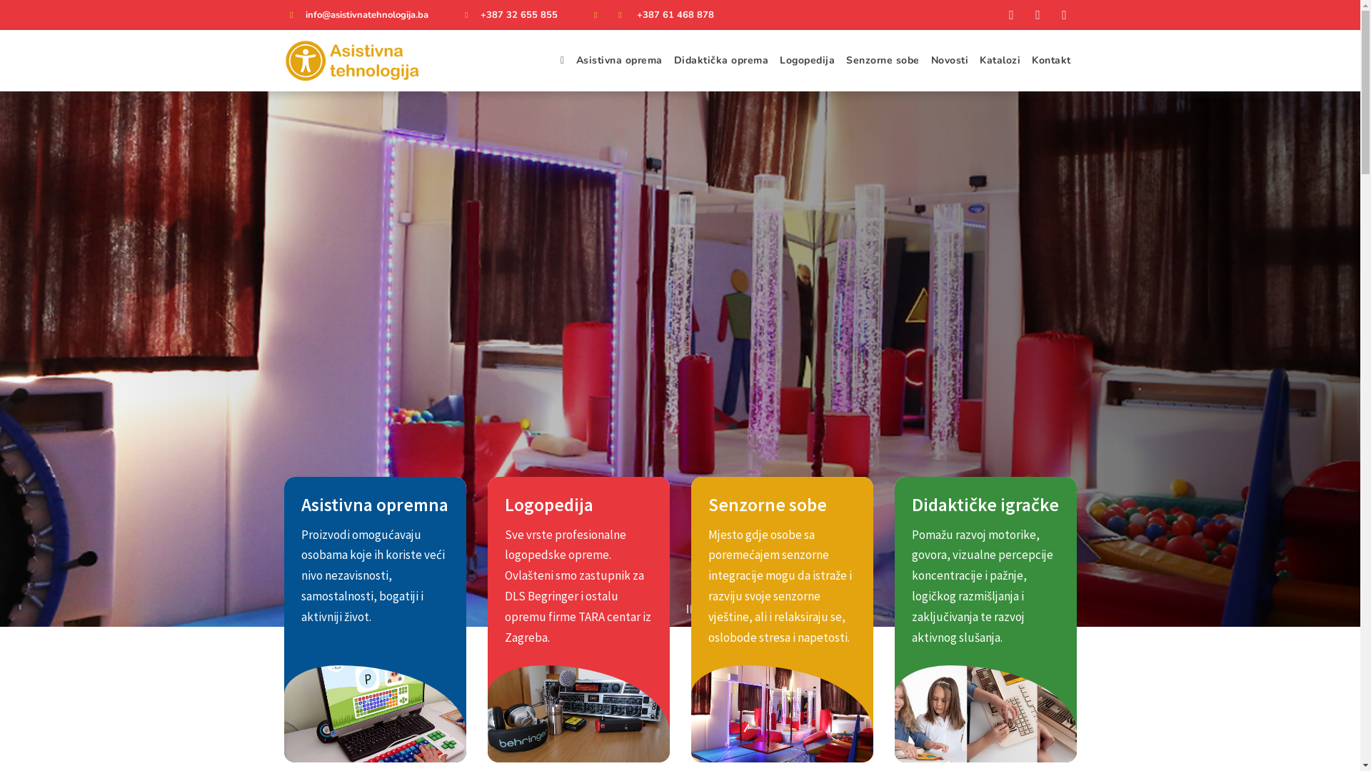  What do you see at coordinates (950, 59) in the screenshot?
I see `'Novosti'` at bounding box center [950, 59].